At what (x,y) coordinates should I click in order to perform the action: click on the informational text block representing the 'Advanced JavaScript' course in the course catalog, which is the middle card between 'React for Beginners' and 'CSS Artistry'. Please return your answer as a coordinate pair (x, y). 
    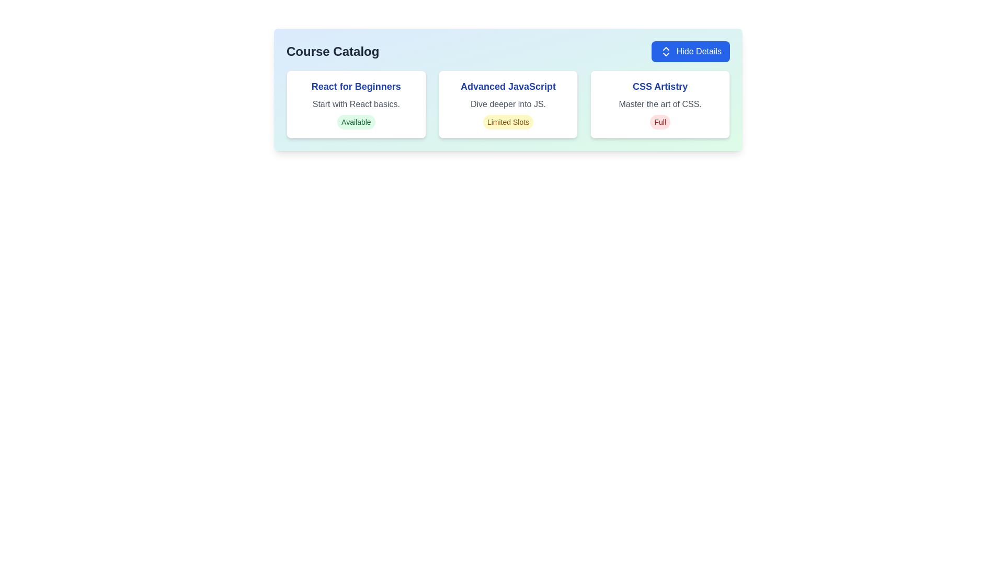
    Looking at the image, I should click on (508, 104).